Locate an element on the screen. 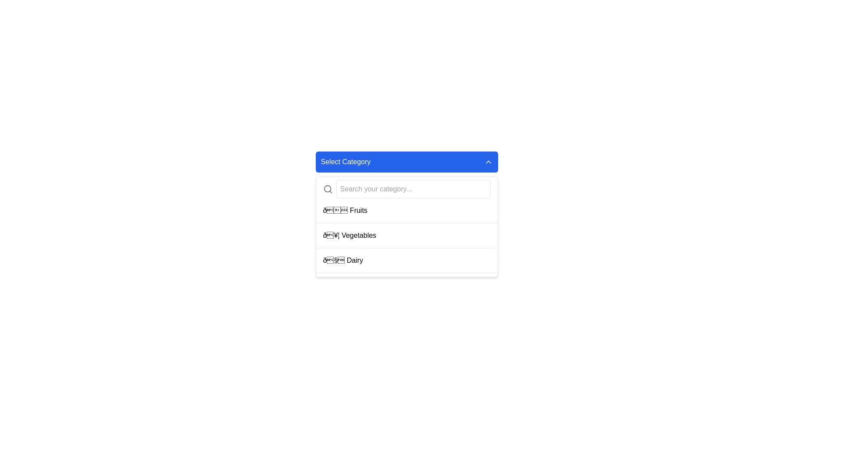 Image resolution: width=842 pixels, height=473 pixels. the 'Dairy' category option, which is a horizontal layout containing a carton icon and the label 'Dairy' in bold text, located as the third item in the vertical list beneath the 'Select Category' section is located at coordinates (343, 260).